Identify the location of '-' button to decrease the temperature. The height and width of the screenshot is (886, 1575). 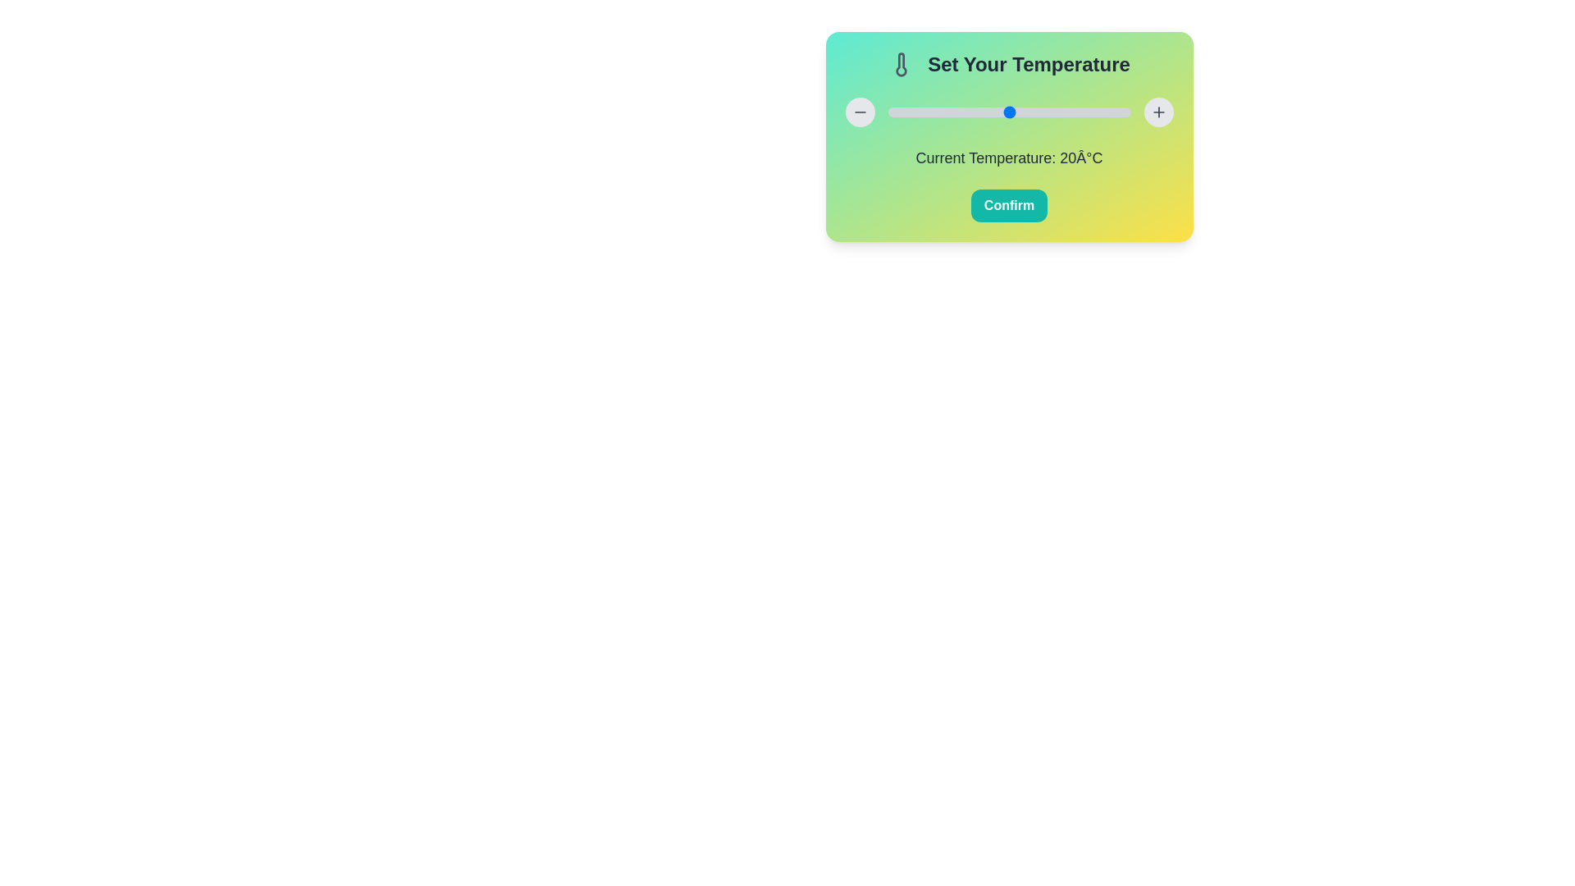
(859, 112).